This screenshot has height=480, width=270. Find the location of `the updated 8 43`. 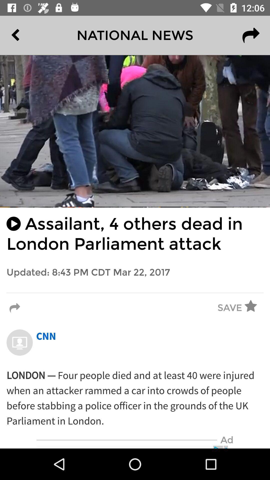

the updated 8 43 is located at coordinates (135, 272).